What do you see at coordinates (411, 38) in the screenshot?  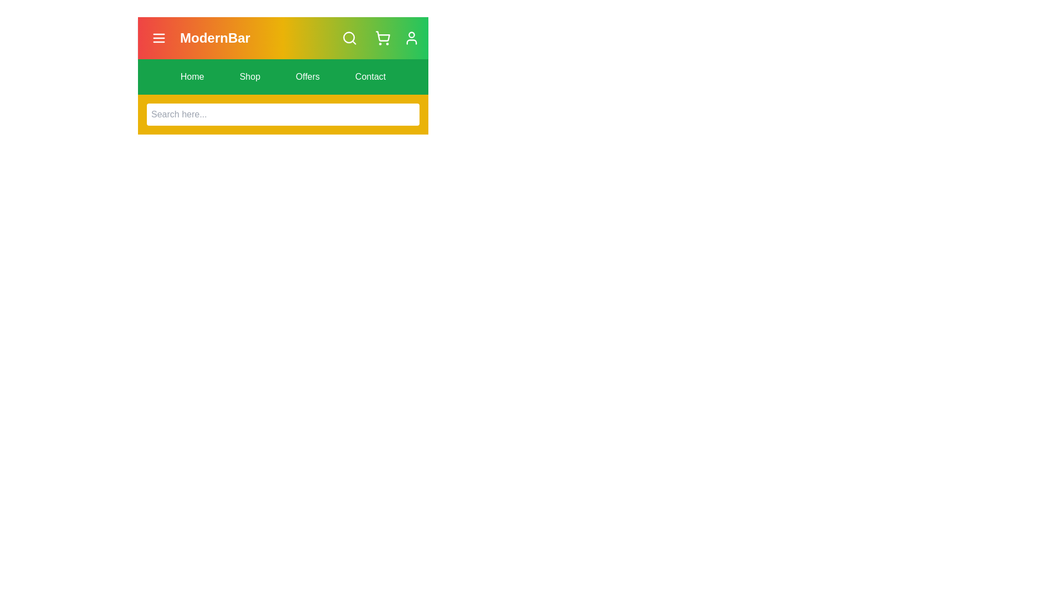 I see `the user icon in the ModernAppBar` at bounding box center [411, 38].